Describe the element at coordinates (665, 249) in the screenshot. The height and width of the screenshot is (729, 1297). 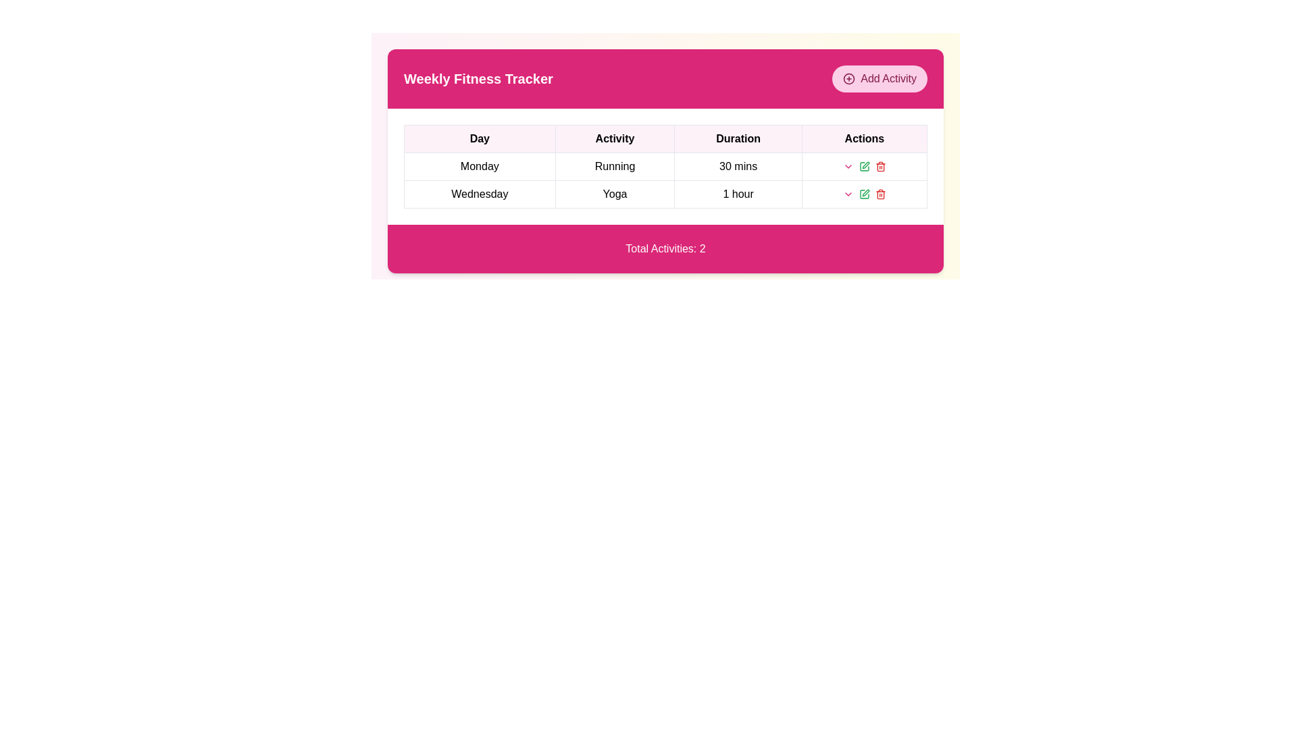
I see `the Informational Text Section at the bottom of the Weekly Fitness Tracker, which has a pink background and displays 'Total Activities: 2'` at that location.